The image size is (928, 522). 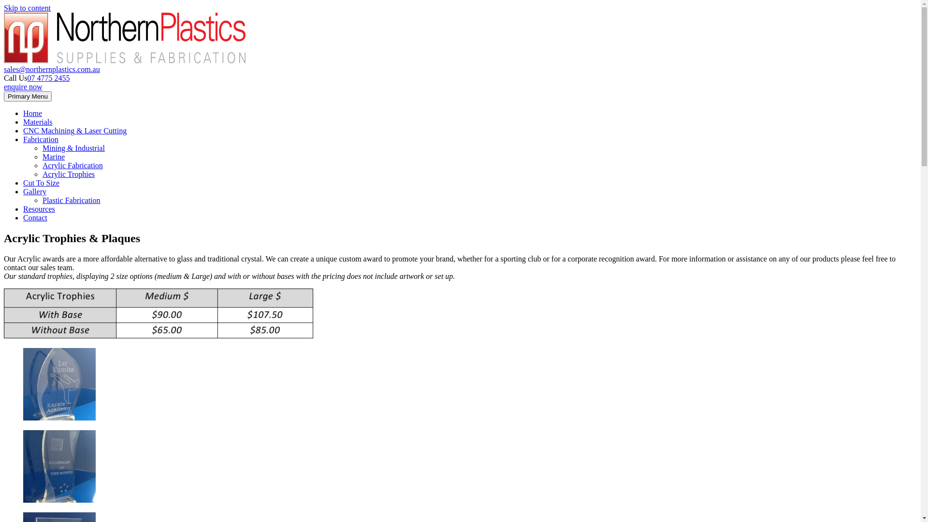 What do you see at coordinates (28, 96) in the screenshot?
I see `'Primary Menu'` at bounding box center [28, 96].